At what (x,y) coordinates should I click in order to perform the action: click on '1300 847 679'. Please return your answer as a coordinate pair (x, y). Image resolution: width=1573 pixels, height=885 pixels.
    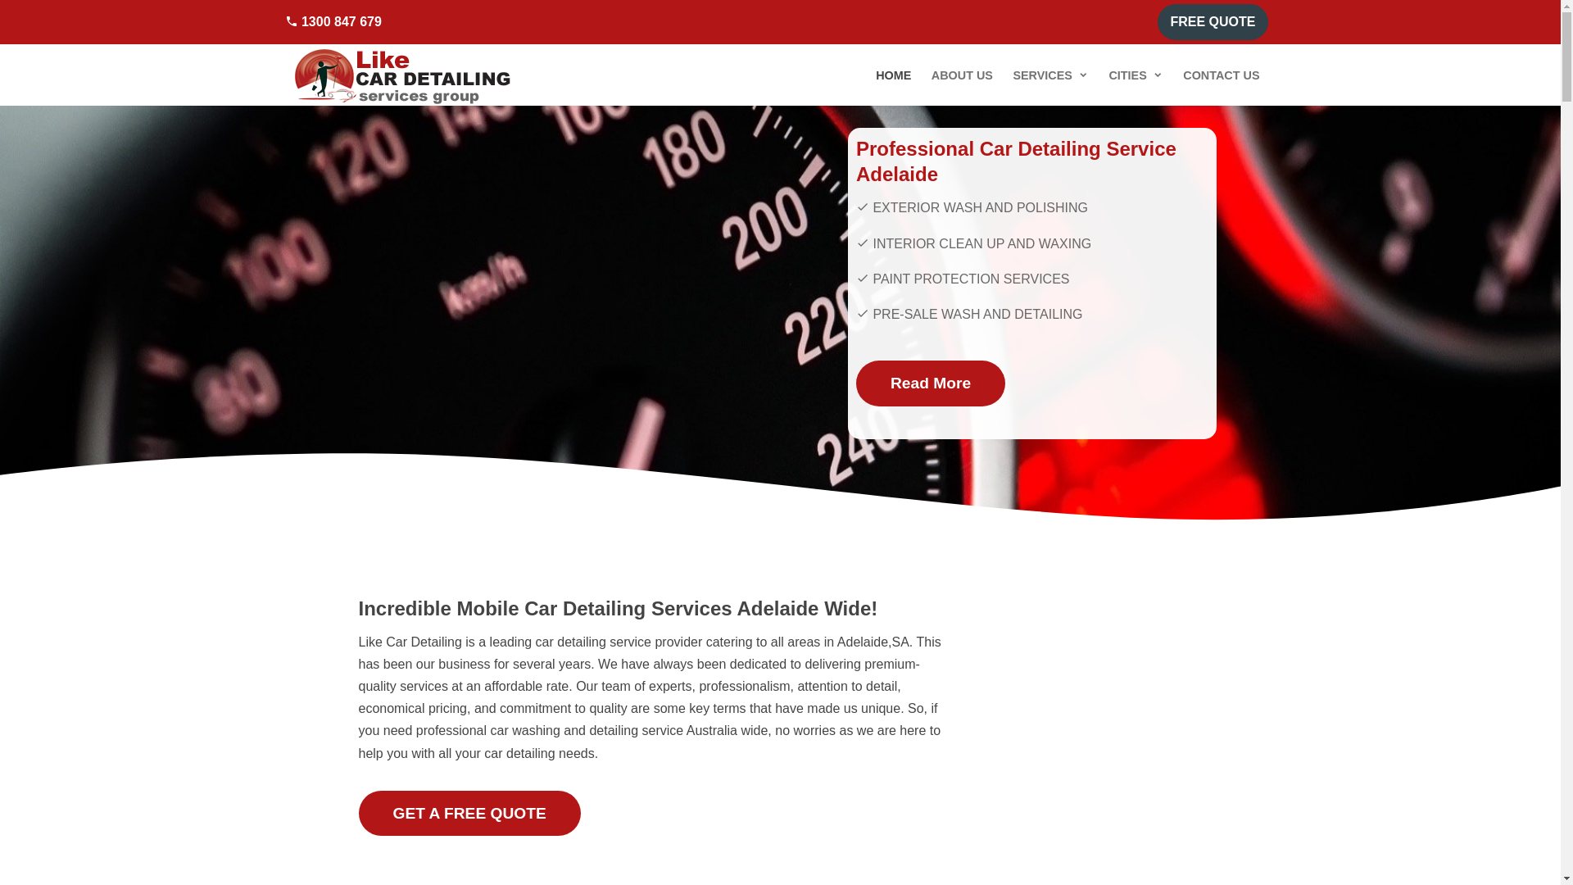
    Looking at the image, I should click on (333, 22).